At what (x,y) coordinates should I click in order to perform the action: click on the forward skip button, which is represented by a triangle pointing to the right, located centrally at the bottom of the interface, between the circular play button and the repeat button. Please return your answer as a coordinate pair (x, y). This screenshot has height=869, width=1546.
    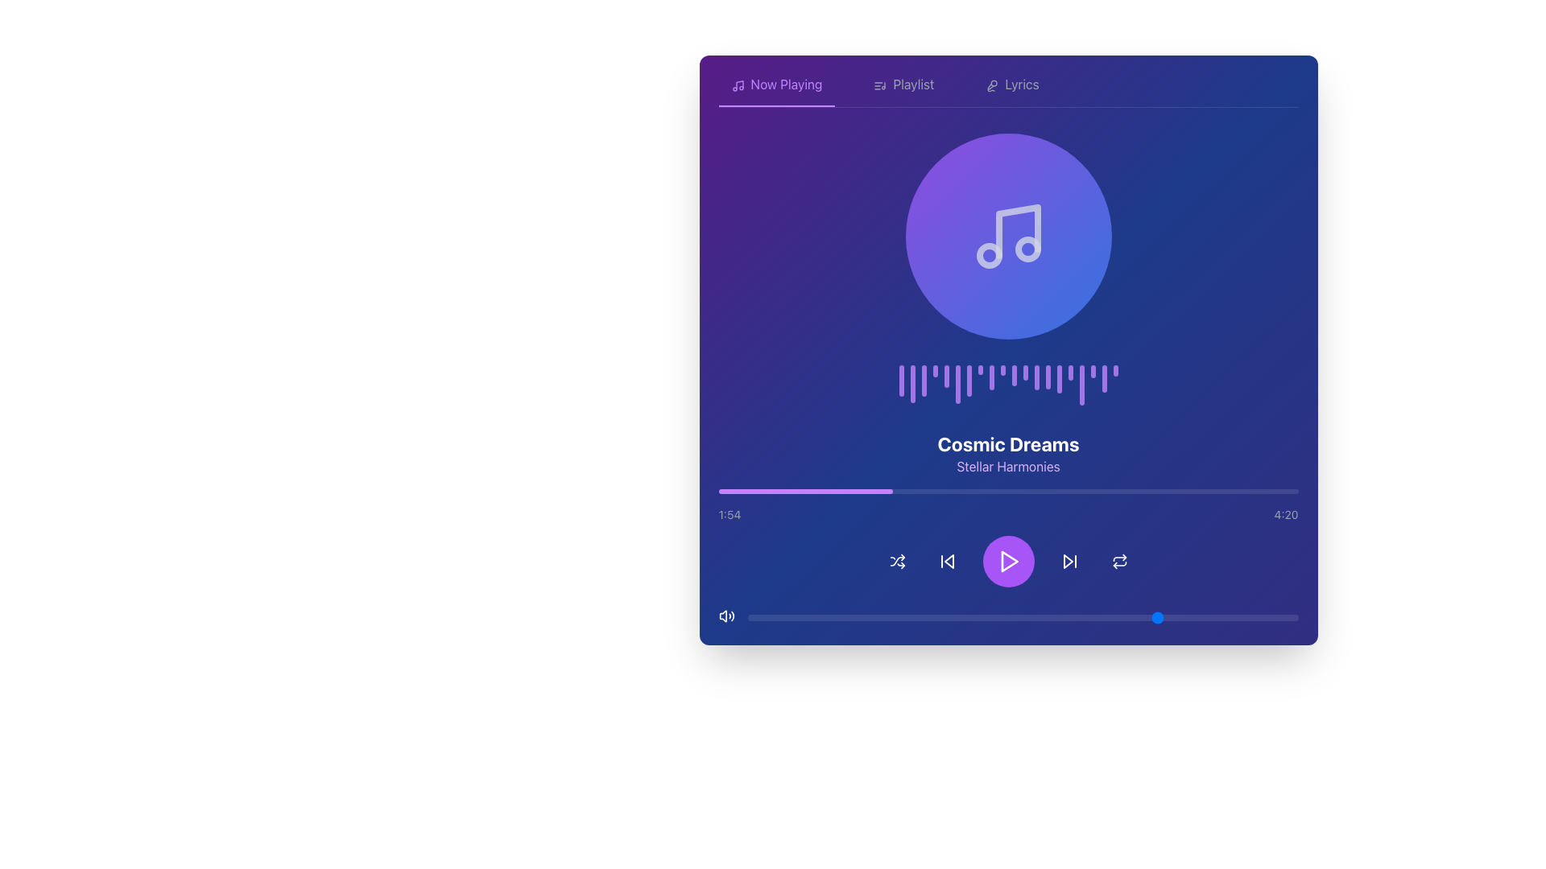
    Looking at the image, I should click on (1069, 561).